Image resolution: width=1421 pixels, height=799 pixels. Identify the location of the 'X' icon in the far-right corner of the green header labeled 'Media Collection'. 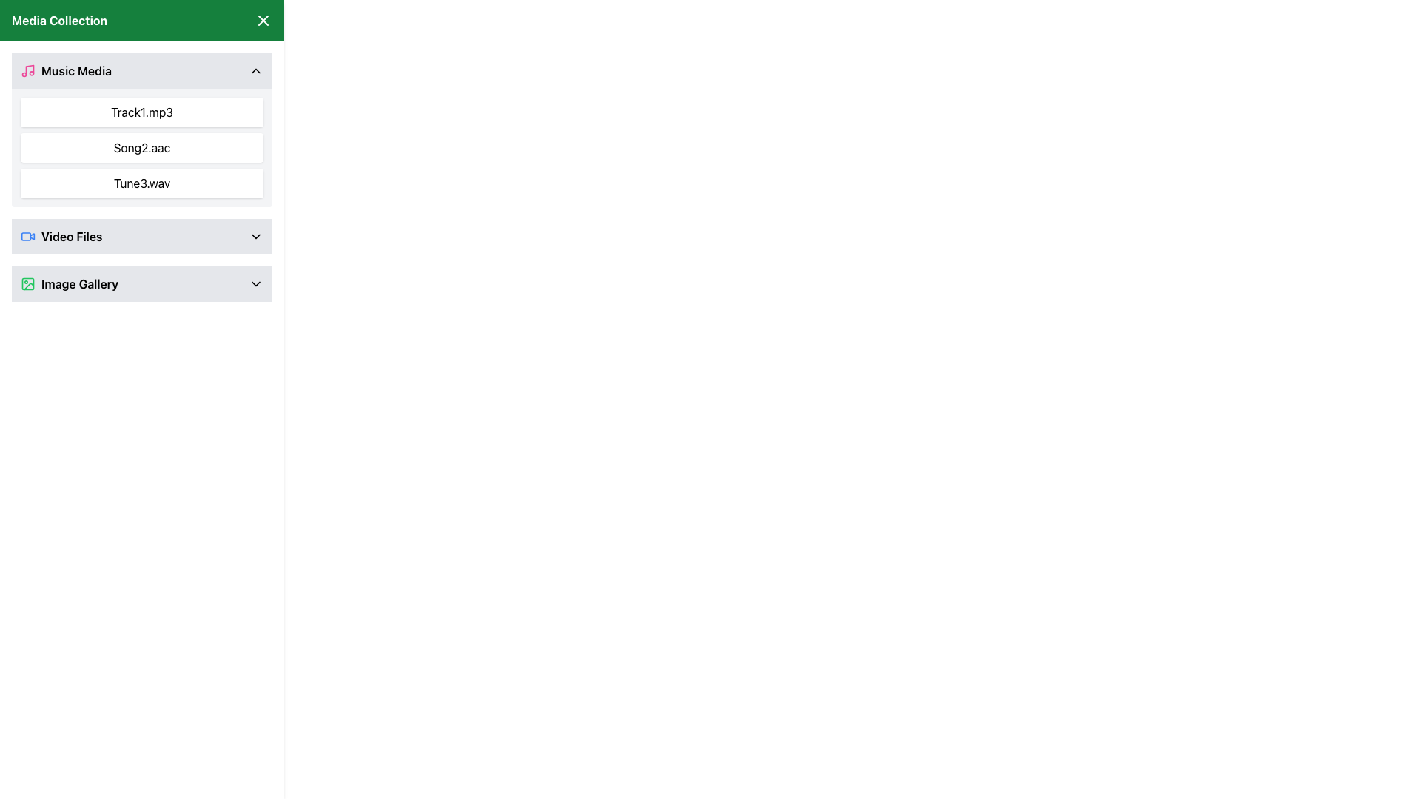
(263, 20).